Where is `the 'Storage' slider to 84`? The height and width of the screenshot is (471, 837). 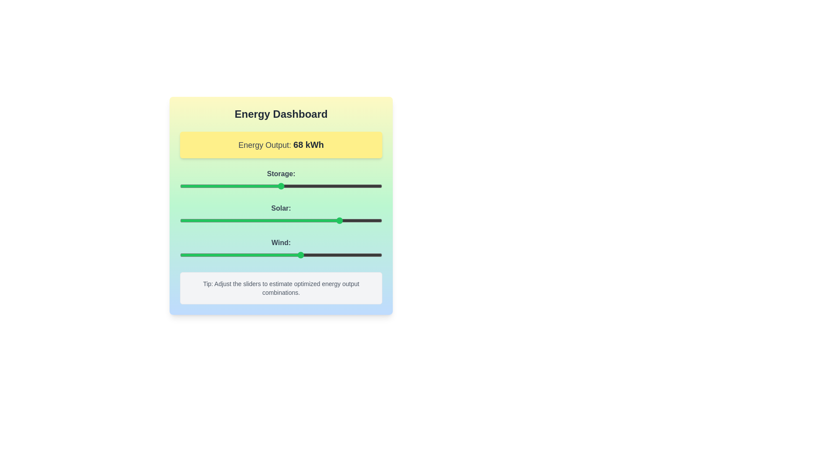 the 'Storage' slider to 84 is located at coordinates (350, 186).